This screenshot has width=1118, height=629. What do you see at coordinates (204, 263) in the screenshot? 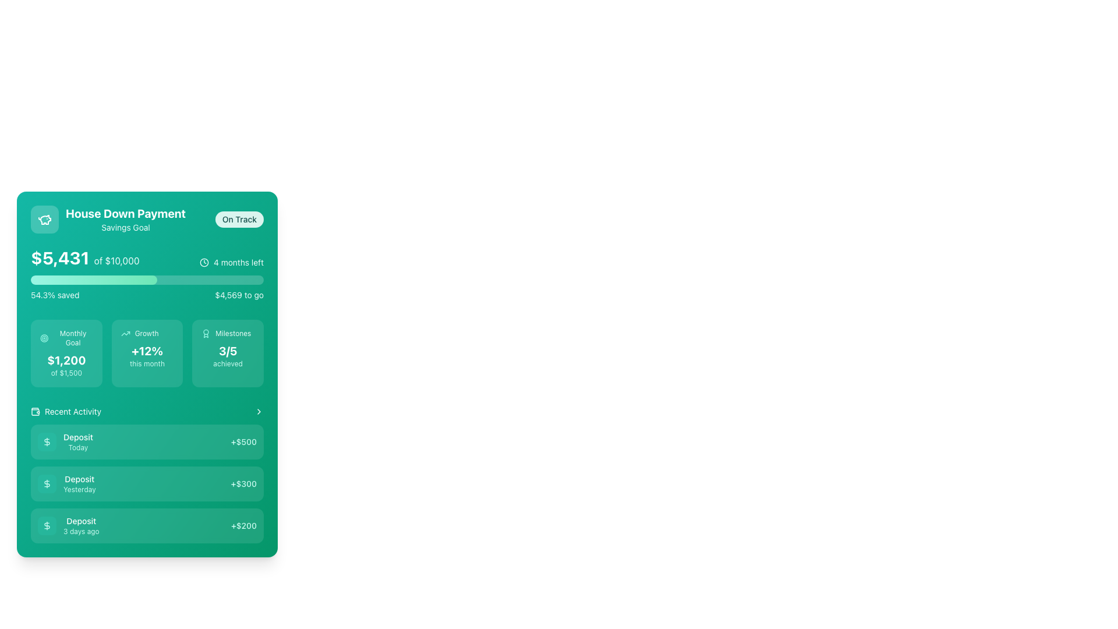
I see `the clock icon located to the left of the text '4 months left' in the upper-right portion of the green card component` at bounding box center [204, 263].